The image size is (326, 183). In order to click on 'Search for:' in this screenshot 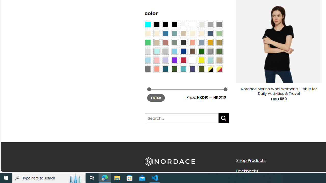, I will do `click(181, 118)`.